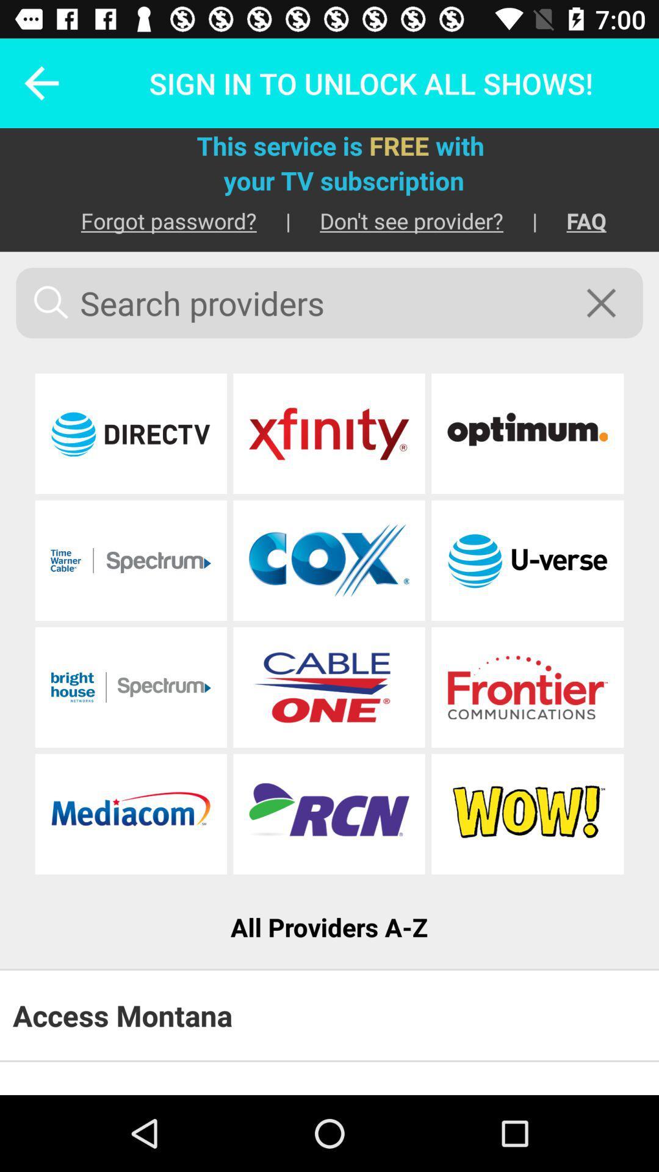 This screenshot has height=1172, width=659. What do you see at coordinates (328, 687) in the screenshot?
I see `provider` at bounding box center [328, 687].